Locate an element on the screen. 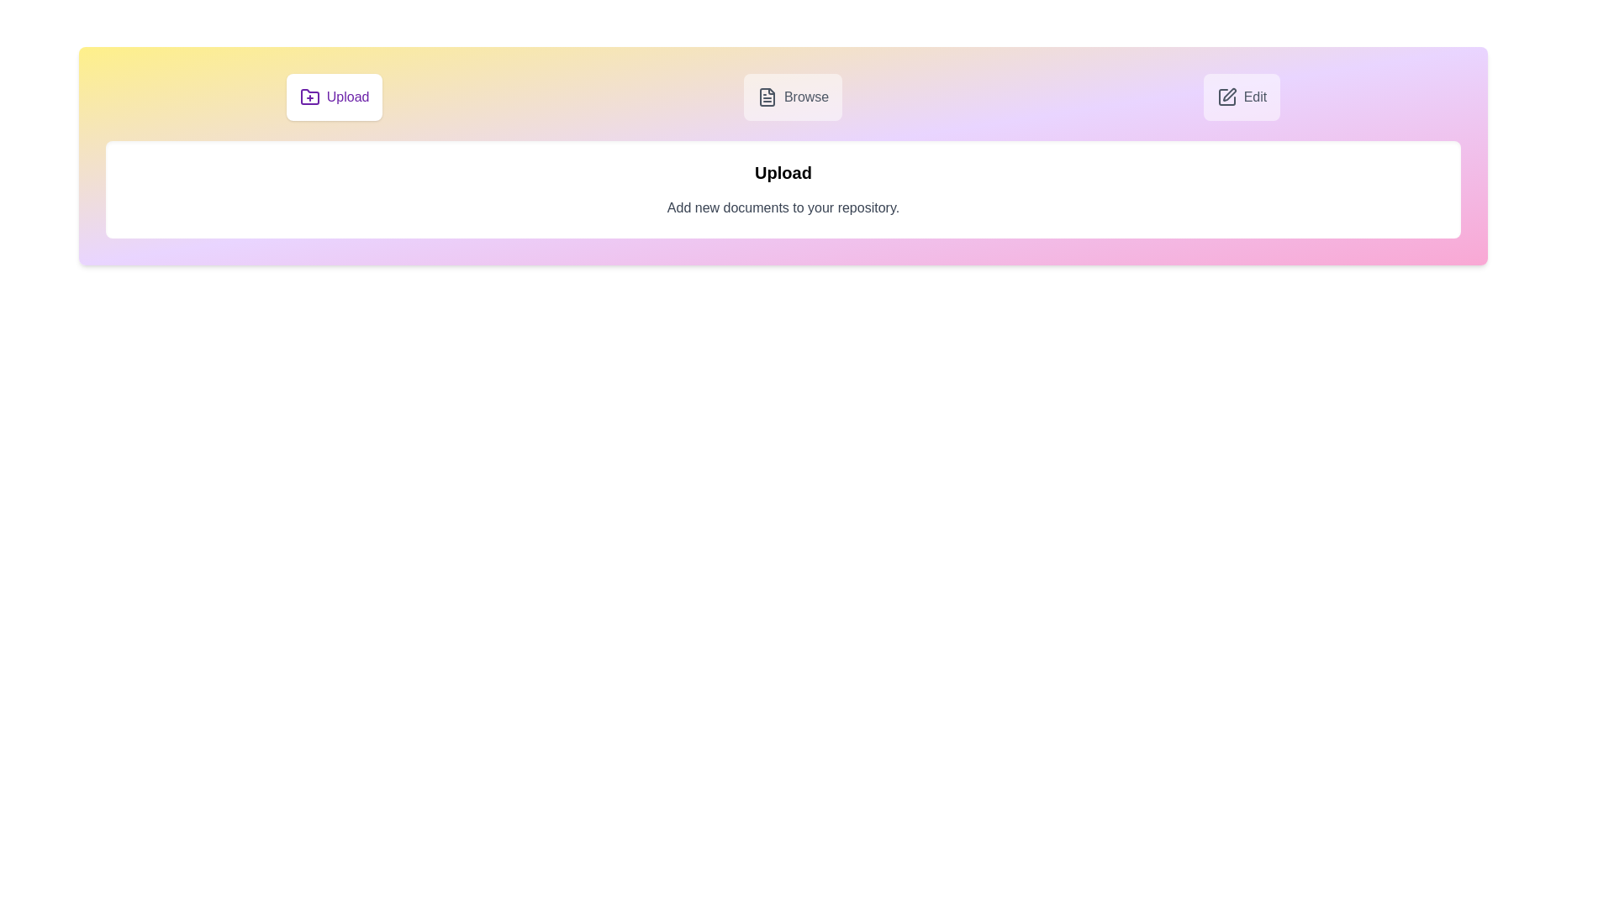 This screenshot has height=907, width=1614. the Edit tab by clicking on its button is located at coordinates (1242, 97).